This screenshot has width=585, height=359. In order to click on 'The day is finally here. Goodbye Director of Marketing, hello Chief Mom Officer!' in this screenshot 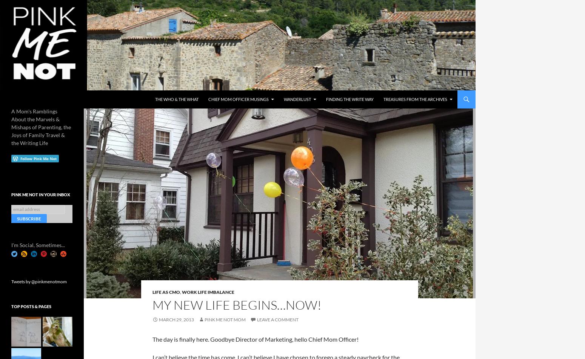, I will do `click(255, 339)`.